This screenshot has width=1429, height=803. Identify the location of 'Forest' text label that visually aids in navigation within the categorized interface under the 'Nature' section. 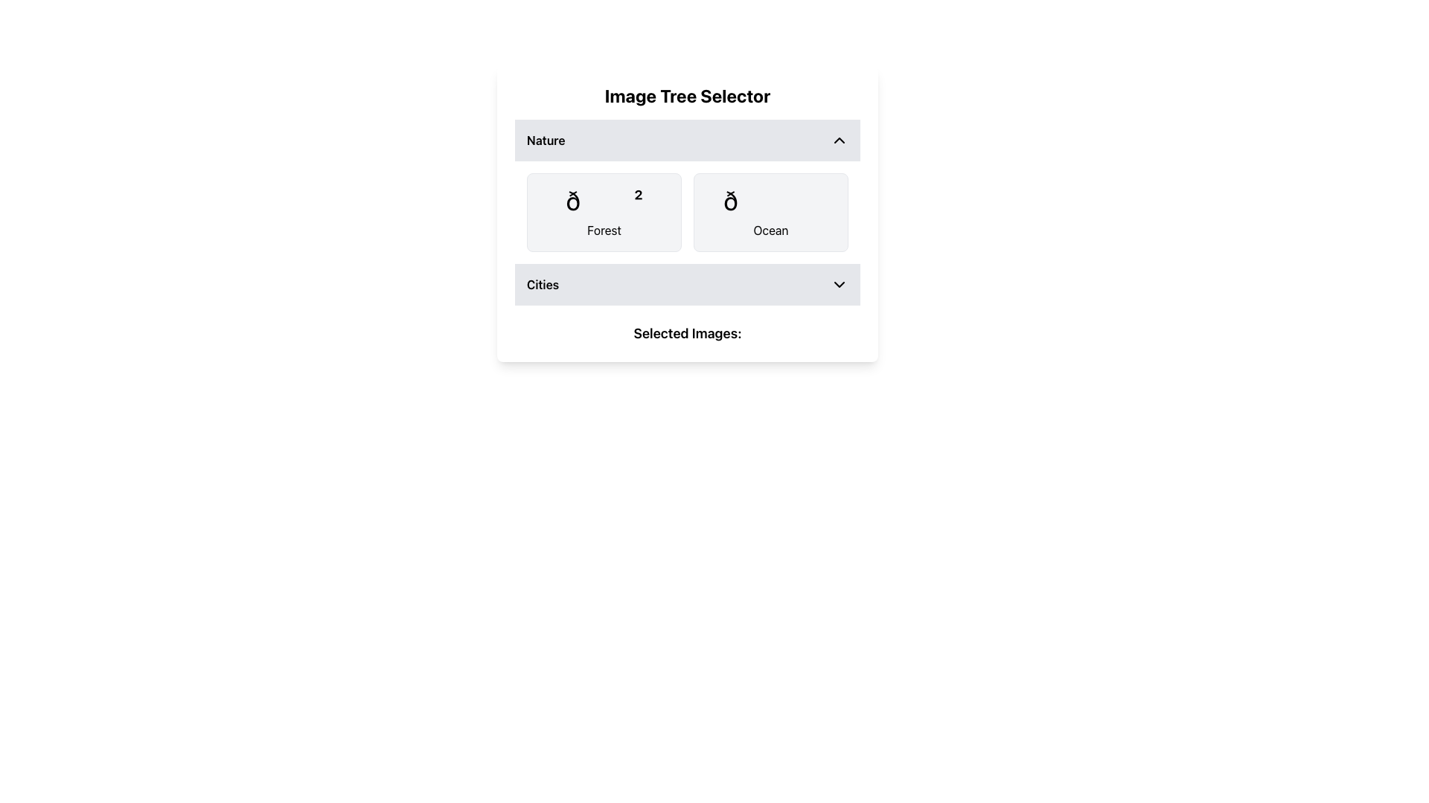
(604, 230).